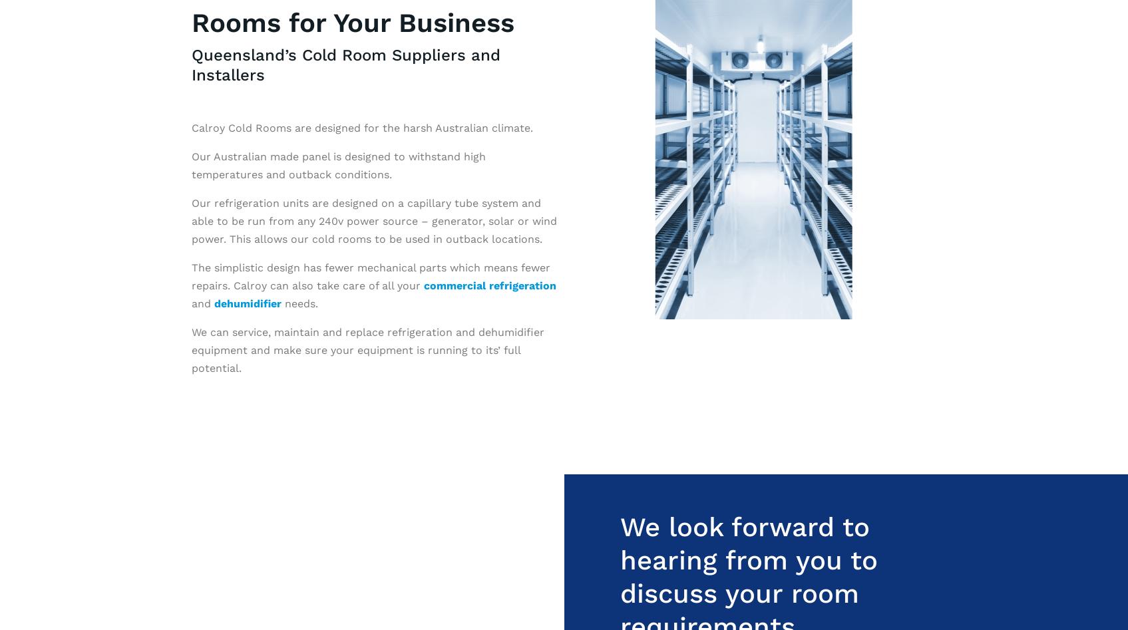 This screenshot has width=1128, height=630. What do you see at coordinates (488, 285) in the screenshot?
I see `'commercial refrigeration'` at bounding box center [488, 285].